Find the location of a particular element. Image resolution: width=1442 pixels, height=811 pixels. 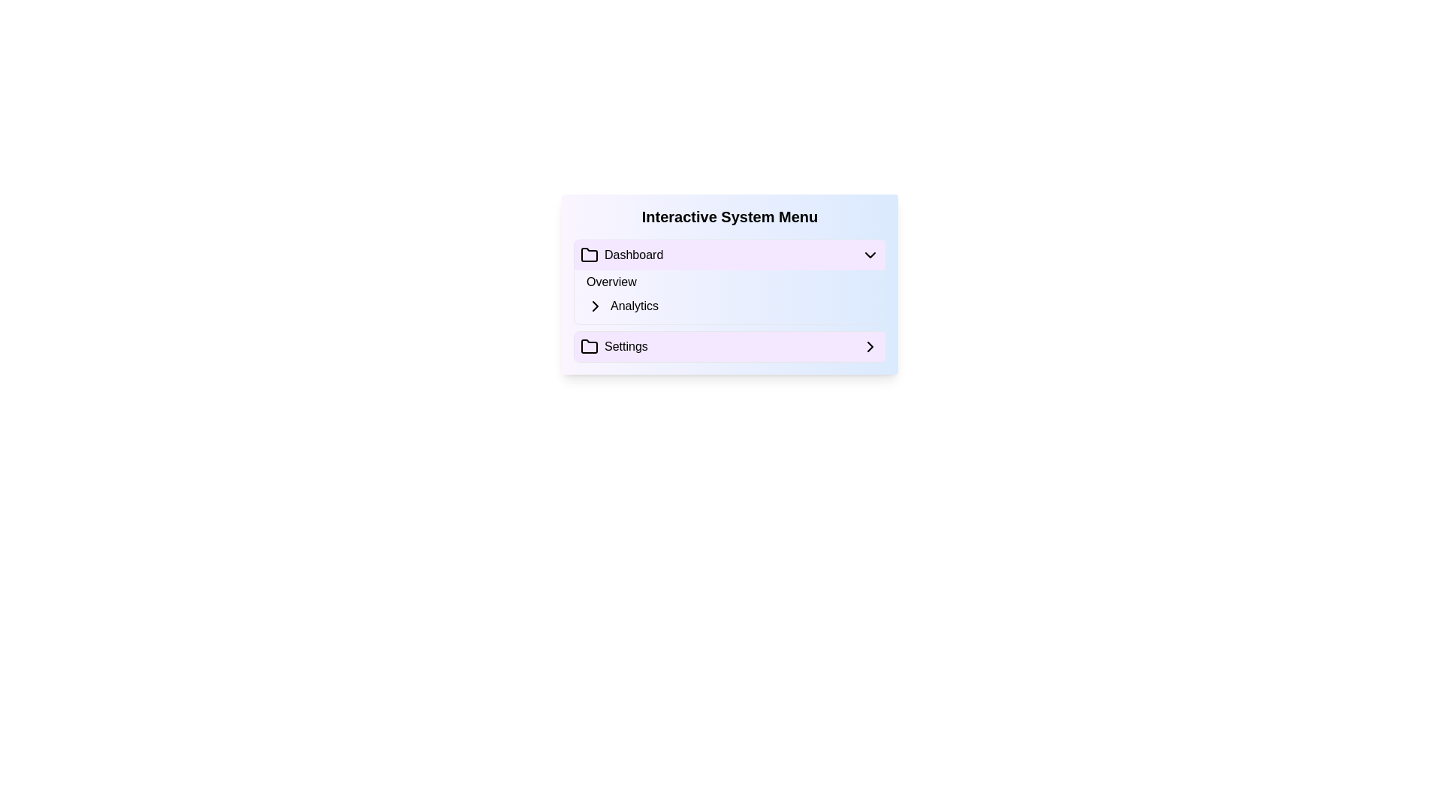

the navigation button located below the 'Analytics' button is located at coordinates (729, 347).